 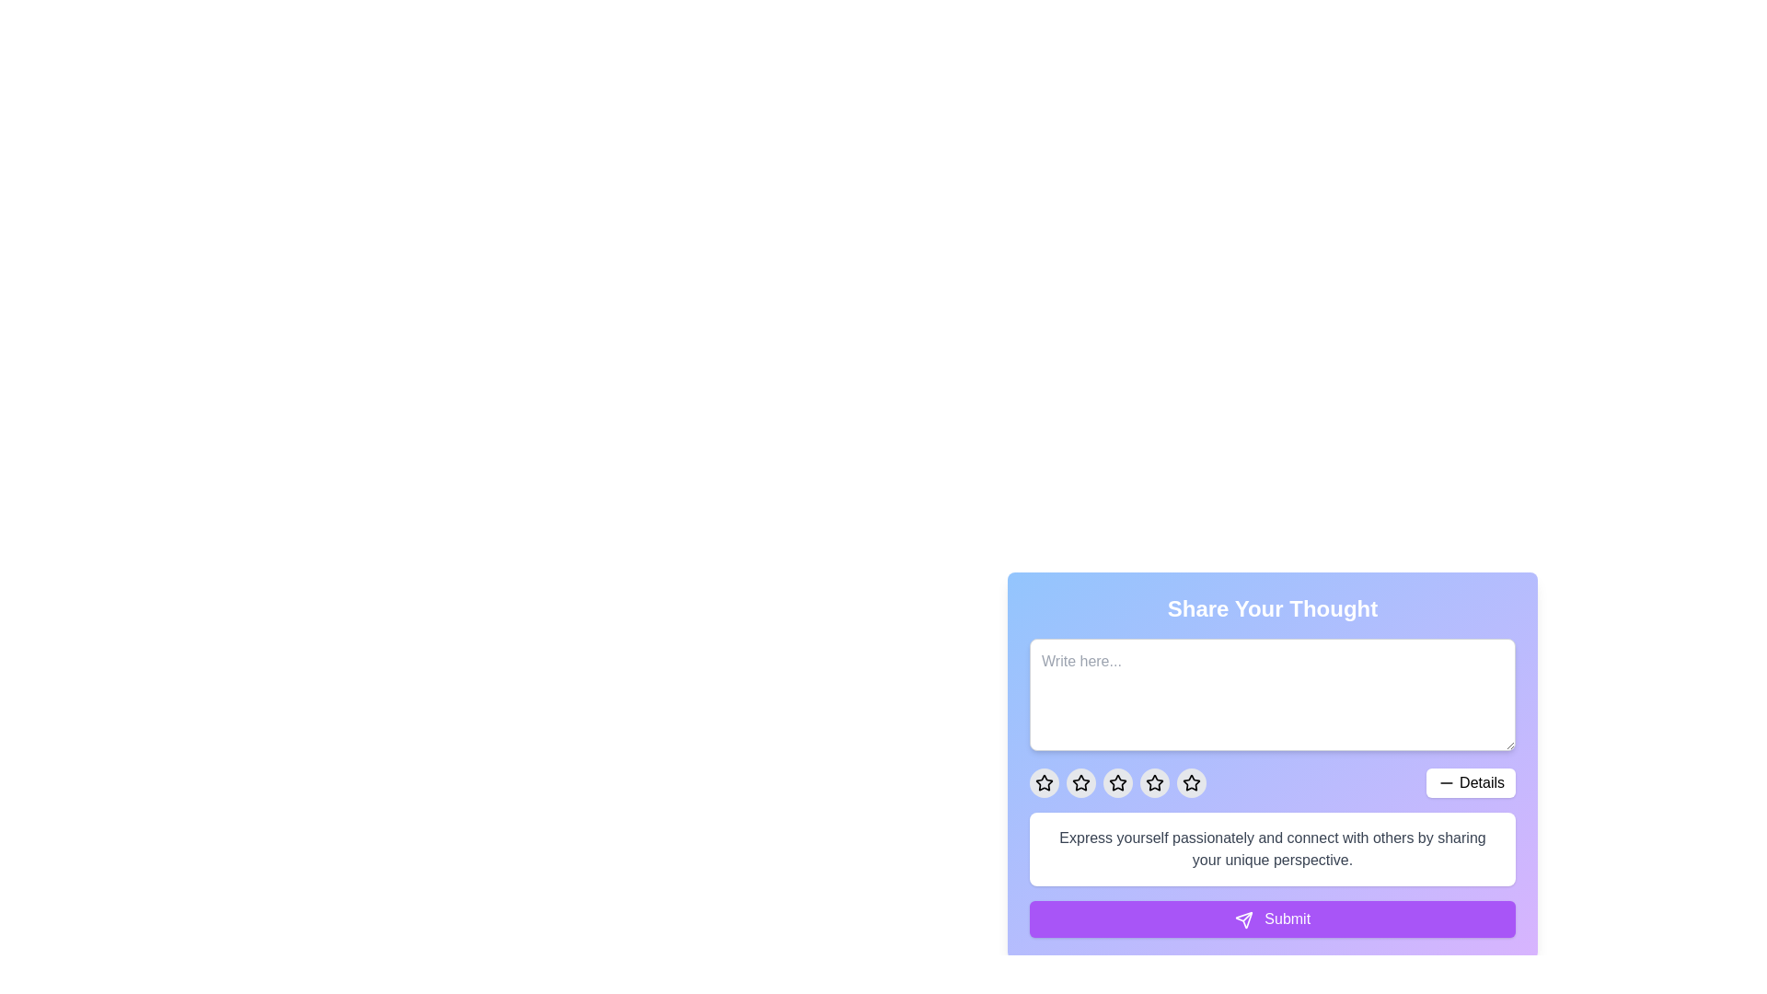 I want to click on another element, so click(x=1192, y=782).